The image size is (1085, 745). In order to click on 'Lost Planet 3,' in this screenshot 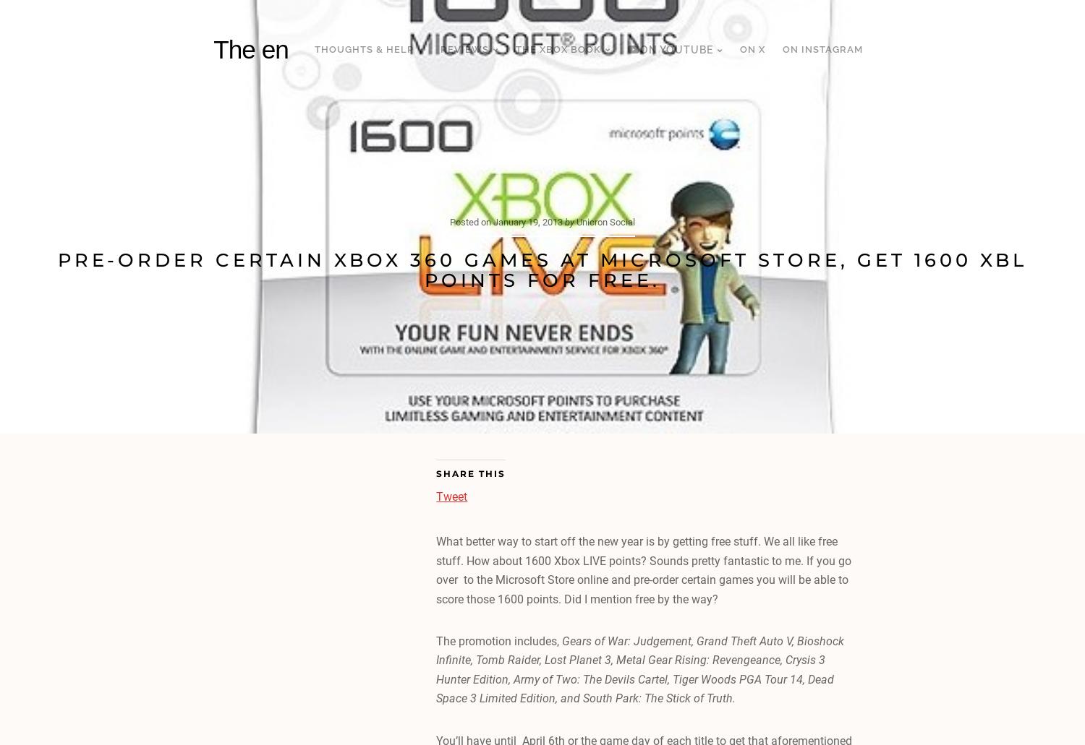, I will do `click(580, 660)`.